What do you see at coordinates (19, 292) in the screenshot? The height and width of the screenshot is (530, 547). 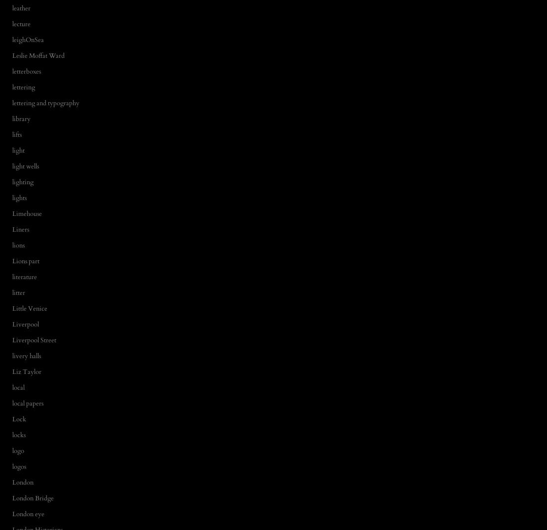 I see `'litter'` at bounding box center [19, 292].